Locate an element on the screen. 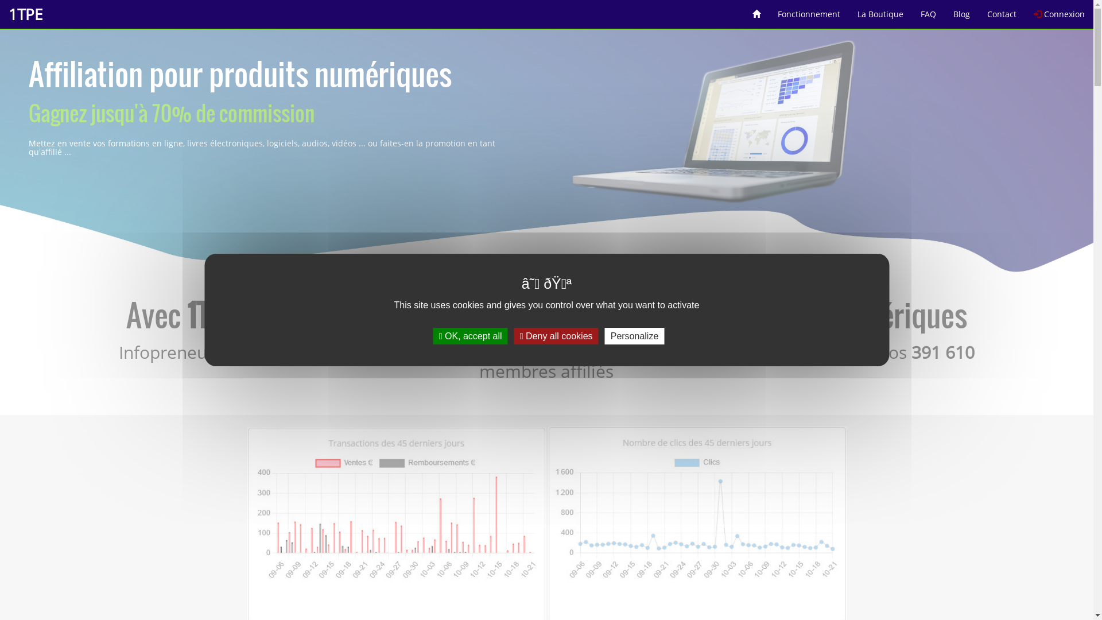  'Connexion' is located at coordinates (1058, 10).